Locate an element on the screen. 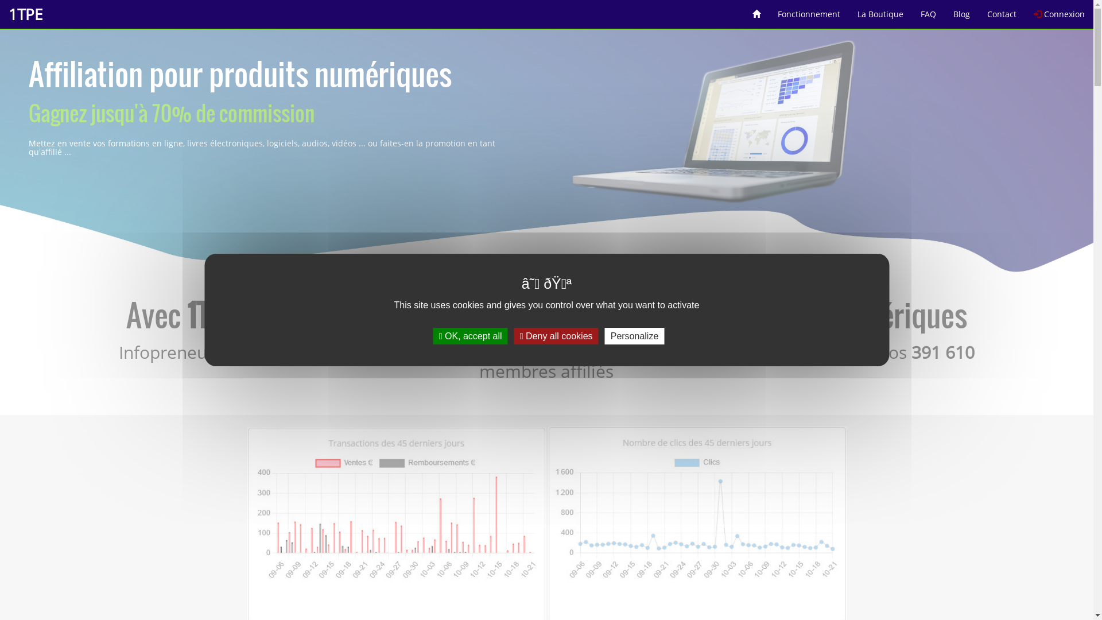  'Connexion' is located at coordinates (1058, 10).